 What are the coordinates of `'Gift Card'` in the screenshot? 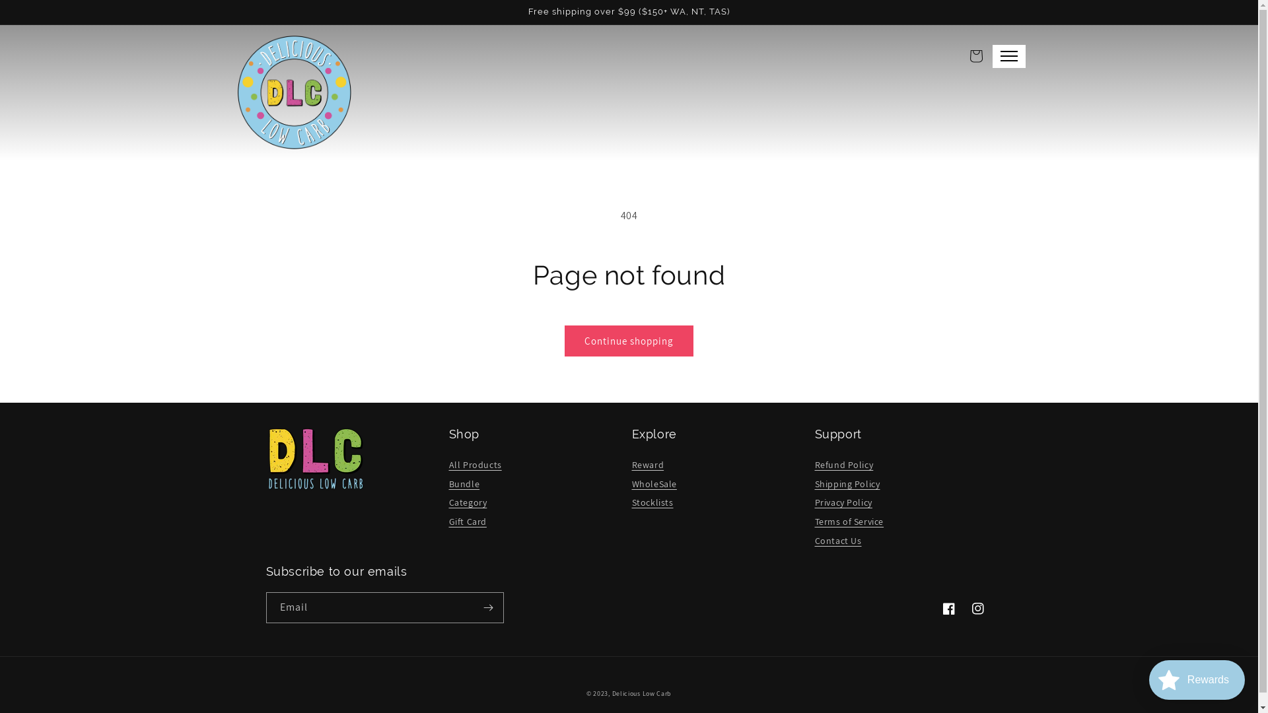 It's located at (449, 521).